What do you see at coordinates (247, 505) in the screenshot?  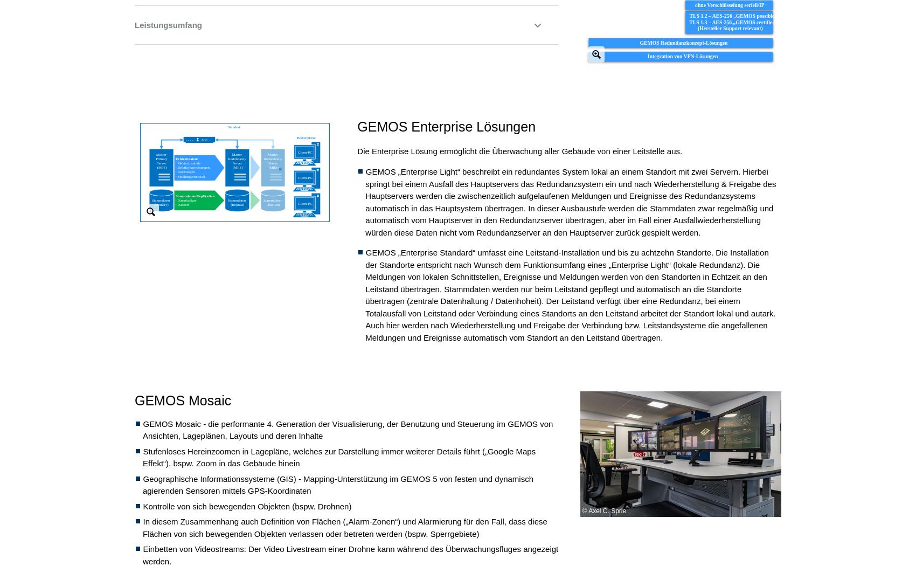 I see `'Kontrolle von sich bewegenden Objekten (bspw. Drohnen)'` at bounding box center [247, 505].